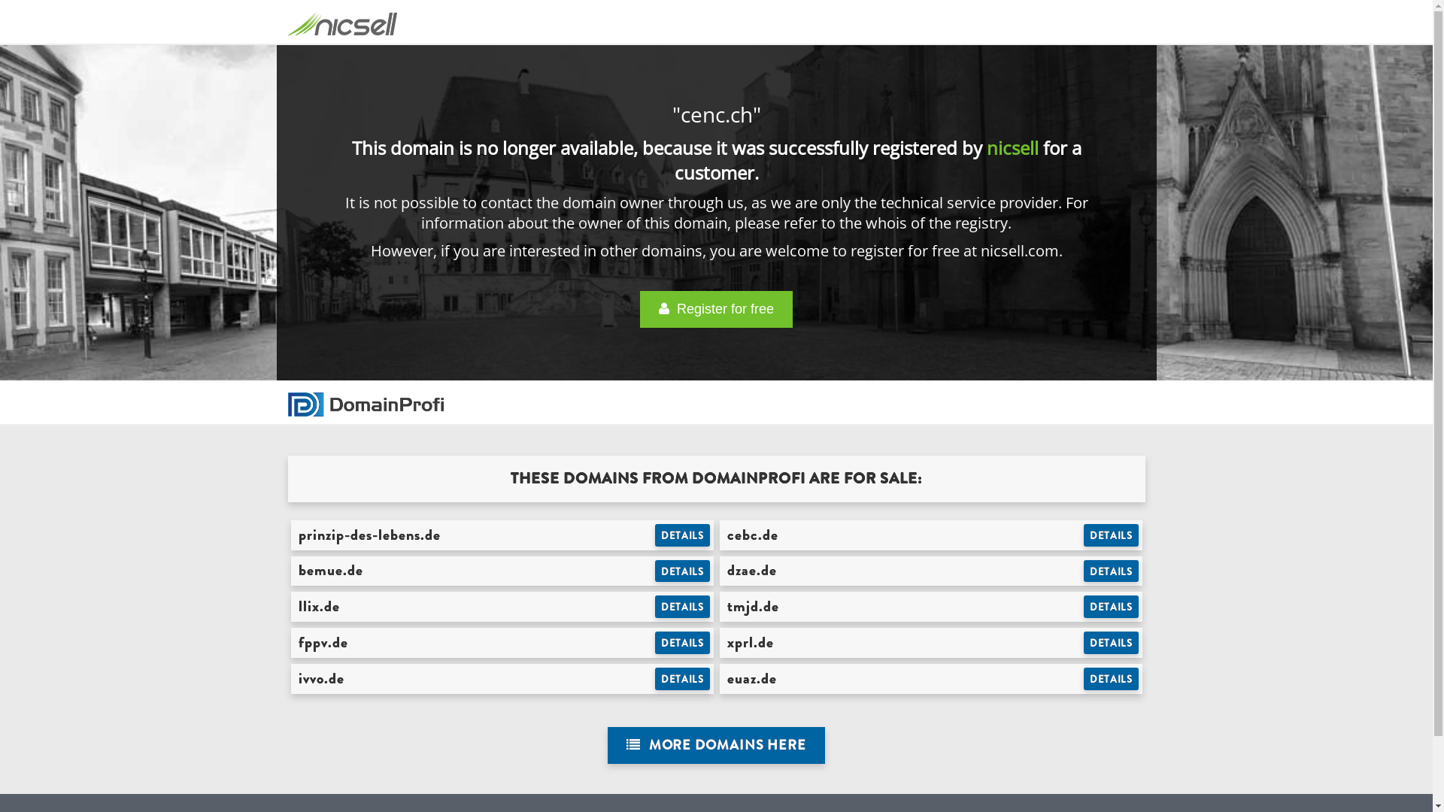 Image resolution: width=1444 pixels, height=812 pixels. What do you see at coordinates (1111, 571) in the screenshot?
I see `'DETAILS'` at bounding box center [1111, 571].